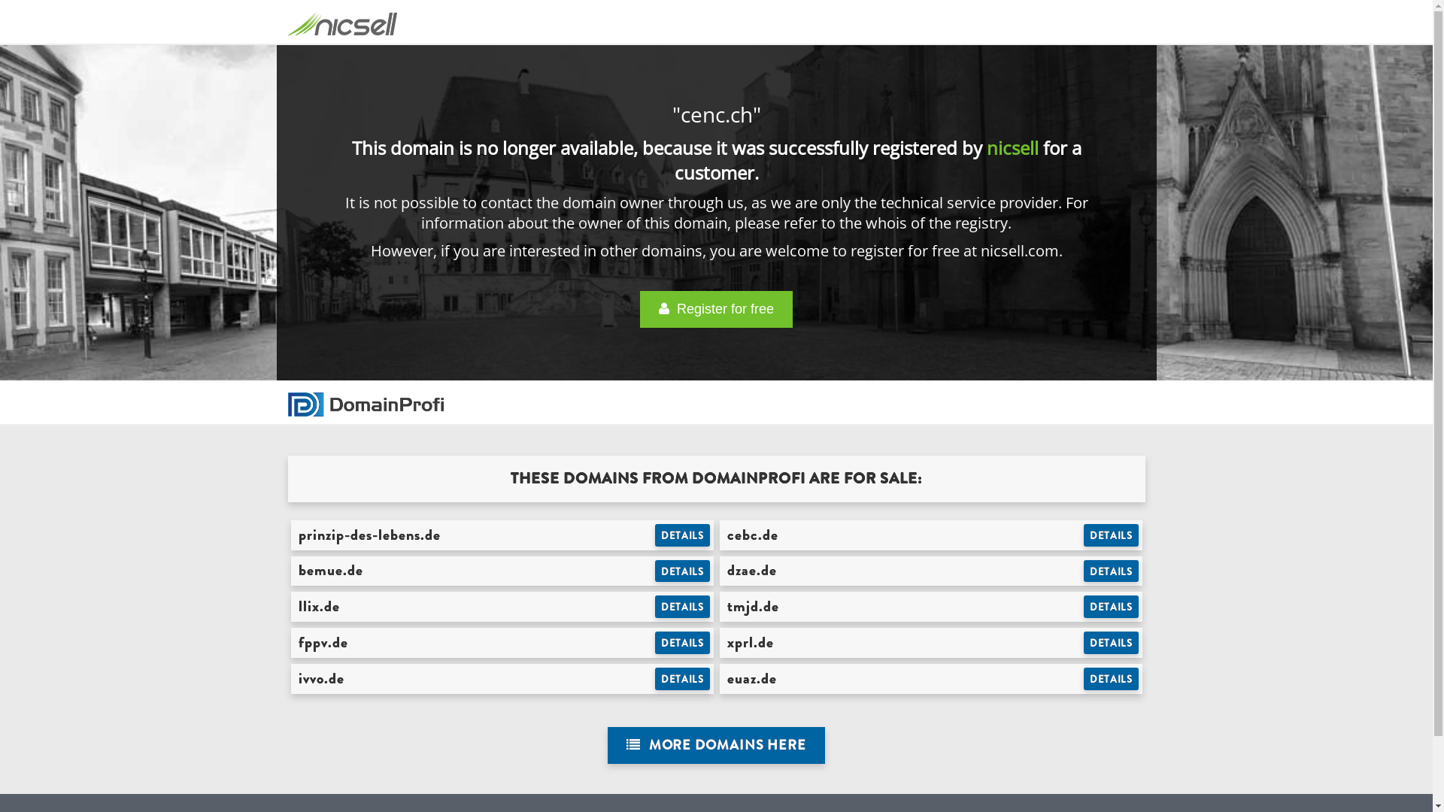 Image resolution: width=1444 pixels, height=812 pixels. What do you see at coordinates (1111, 571) in the screenshot?
I see `'DETAILS'` at bounding box center [1111, 571].